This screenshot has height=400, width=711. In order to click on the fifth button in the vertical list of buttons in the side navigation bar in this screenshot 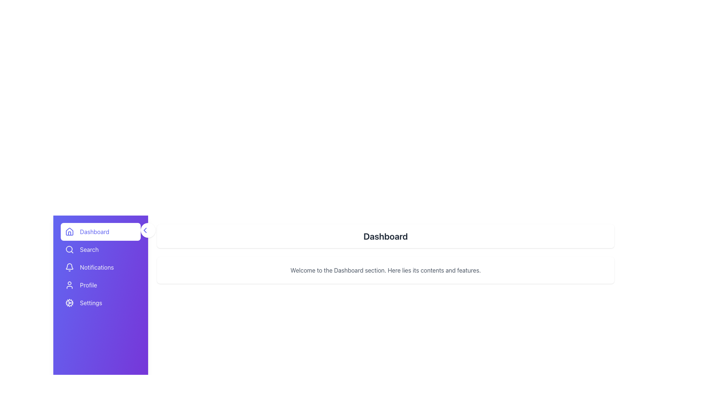, I will do `click(100, 303)`.